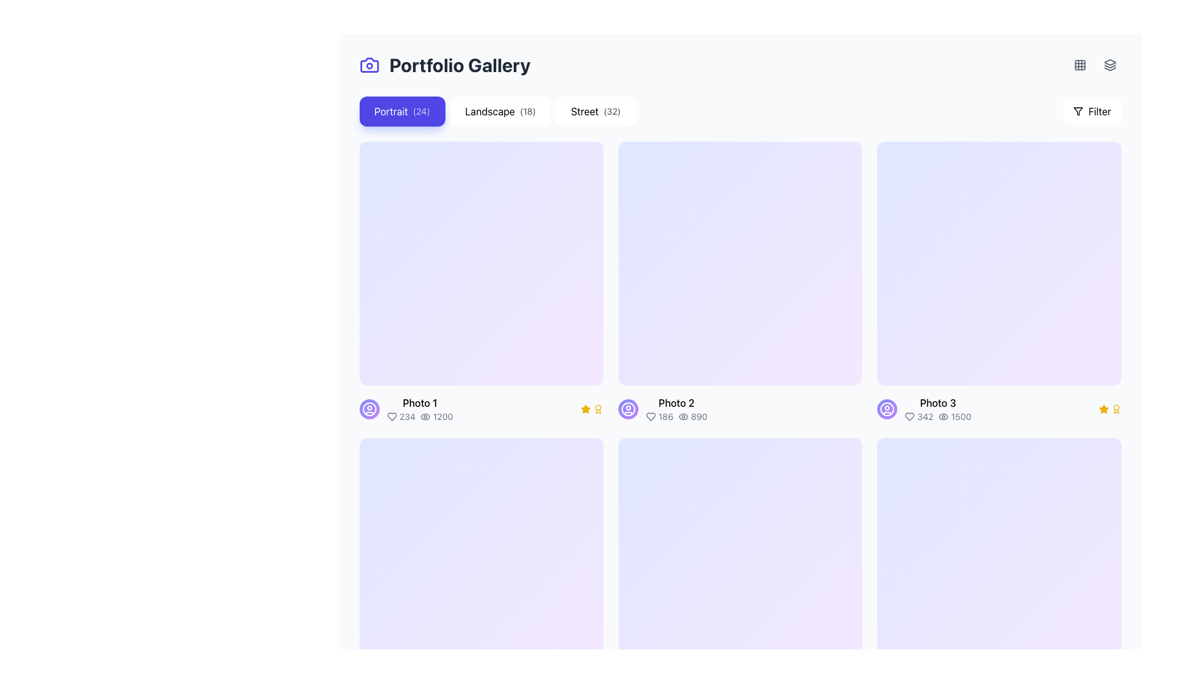 The width and height of the screenshot is (1203, 677). Describe the element at coordinates (910, 417) in the screenshot. I see `the heart-shaped SVG icon located beneath the third photo thumbnail to like the photo` at that location.